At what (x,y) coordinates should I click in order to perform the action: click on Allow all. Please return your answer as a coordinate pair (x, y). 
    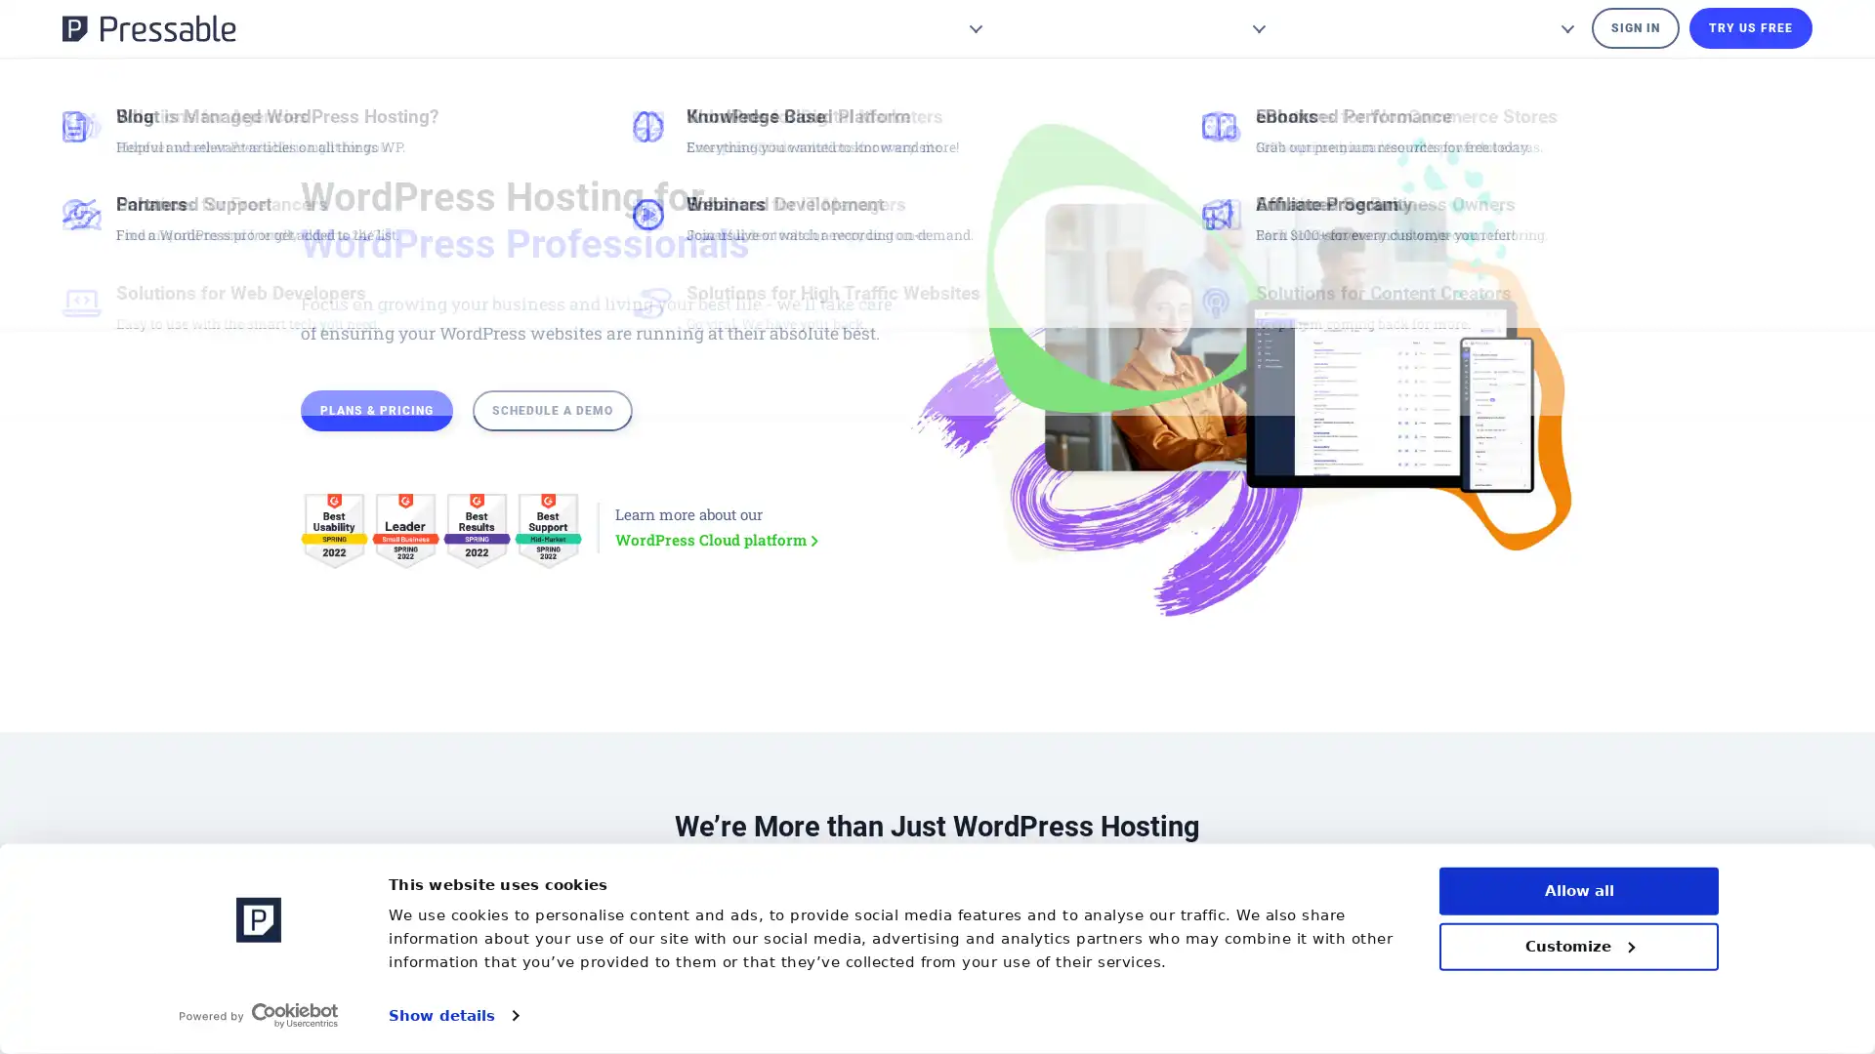
    Looking at the image, I should click on (1579, 890).